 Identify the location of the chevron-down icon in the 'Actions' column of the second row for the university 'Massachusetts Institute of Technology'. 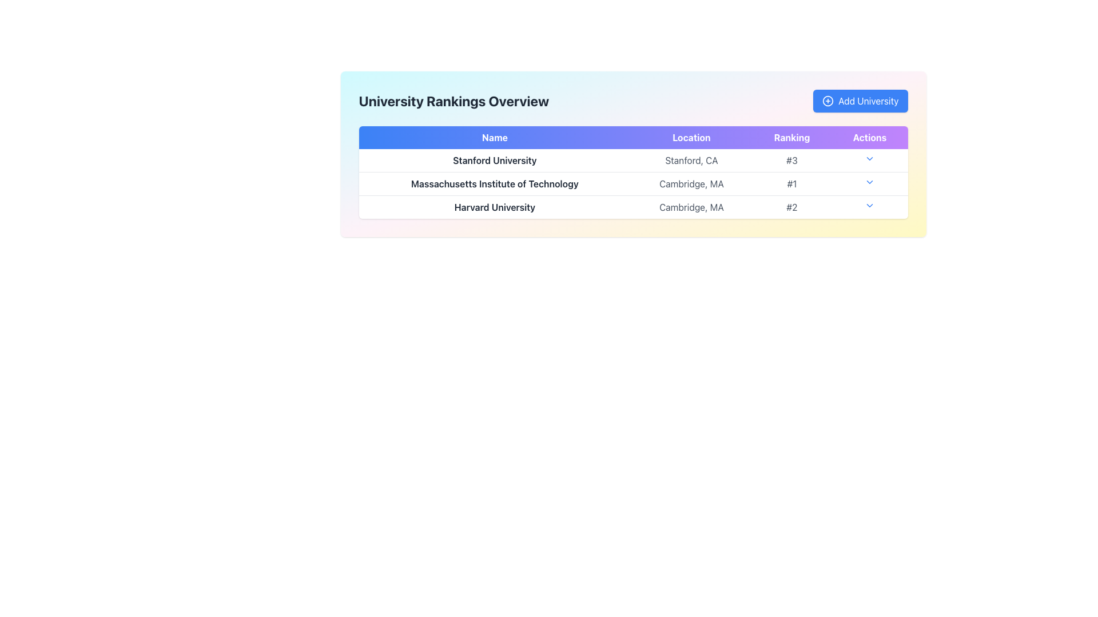
(869, 182).